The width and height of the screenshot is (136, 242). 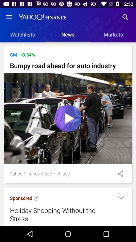 What do you see at coordinates (54, 173) in the screenshot?
I see `the icon to the left of the 3h ago` at bounding box center [54, 173].